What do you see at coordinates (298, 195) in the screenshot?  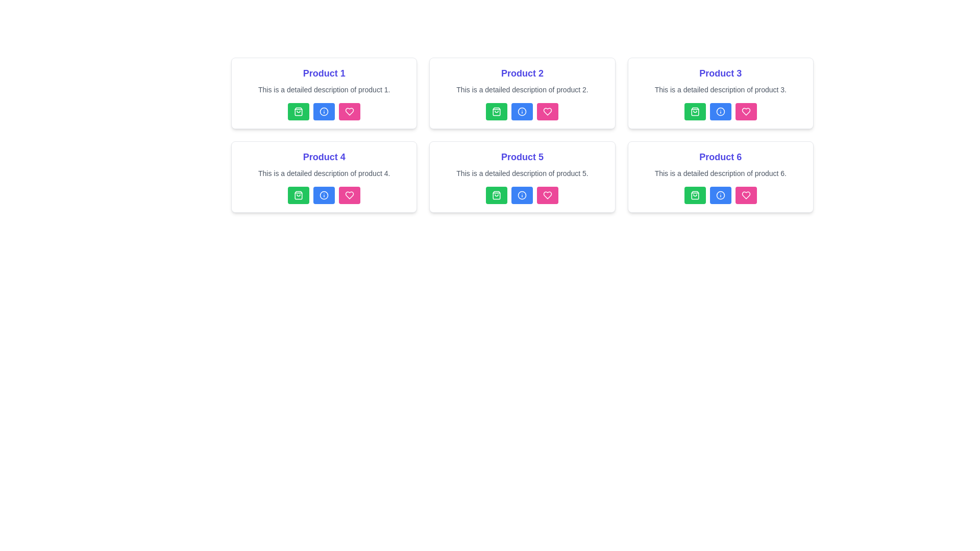 I see `the green shopping bag icon located in the middle row, specifically as the first button among three buttons under the description of 'Product 4'` at bounding box center [298, 195].